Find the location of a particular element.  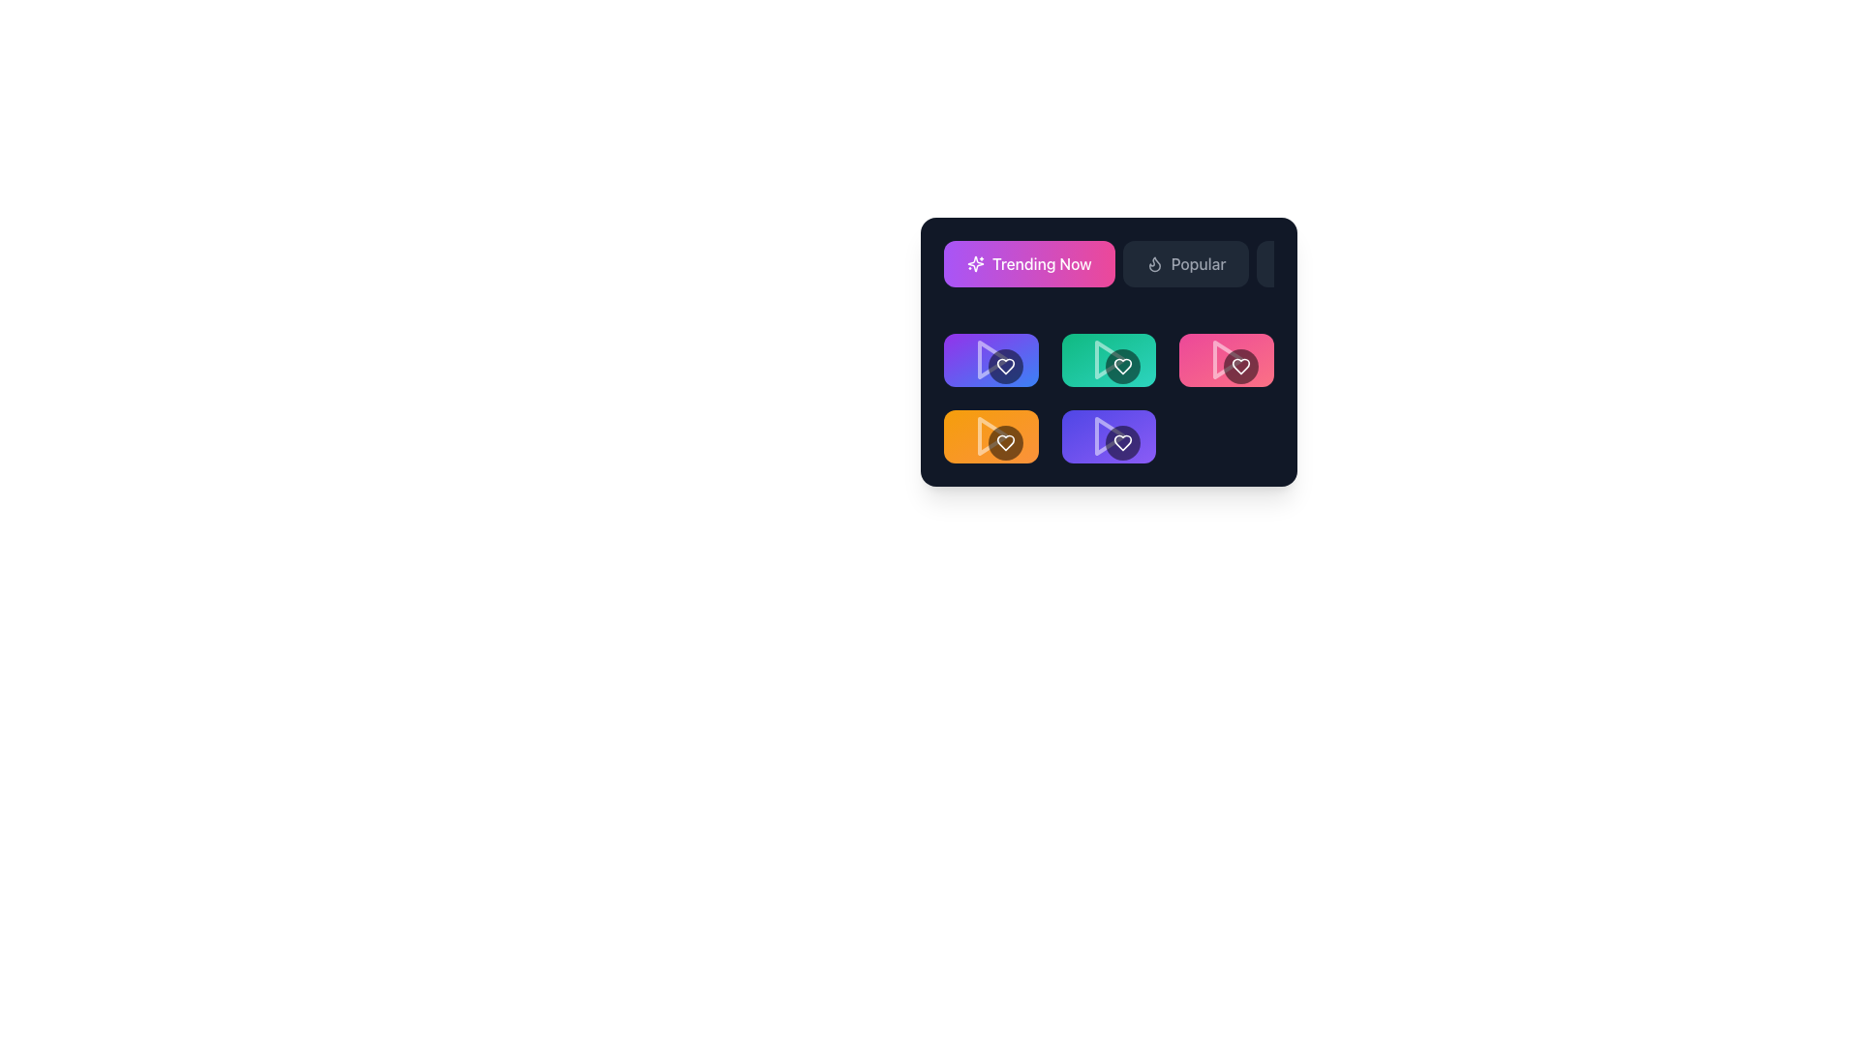

the clickable card with iconography located in the second row, third column of the grid to interact with it is located at coordinates (1109, 394).